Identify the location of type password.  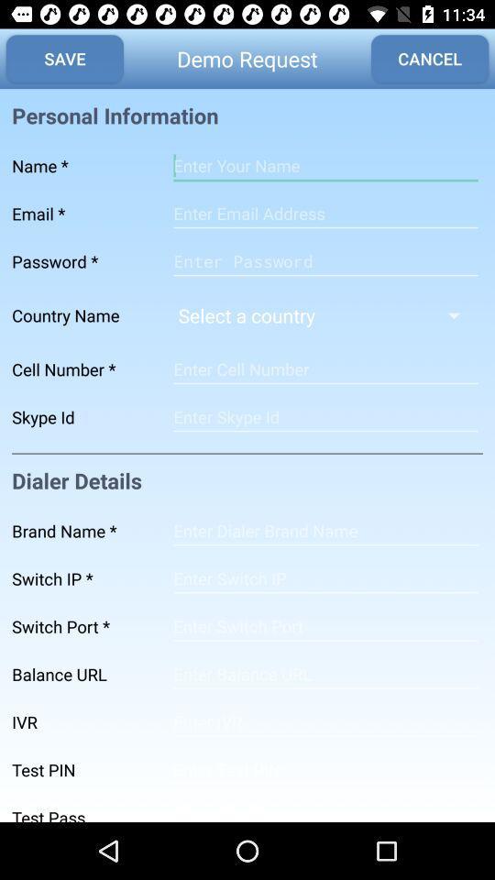
(324, 807).